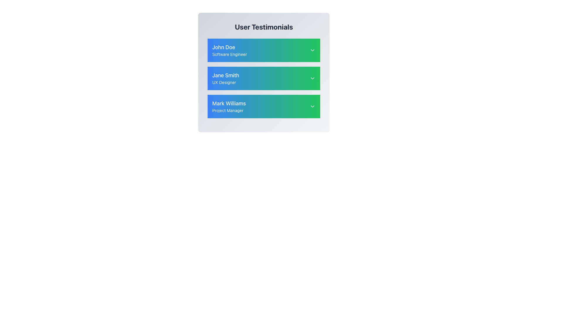 The width and height of the screenshot is (563, 316). What do you see at coordinates (225, 75) in the screenshot?
I see `the text label representing the name of a person in the second card of the 'User Testimonials' section` at bounding box center [225, 75].